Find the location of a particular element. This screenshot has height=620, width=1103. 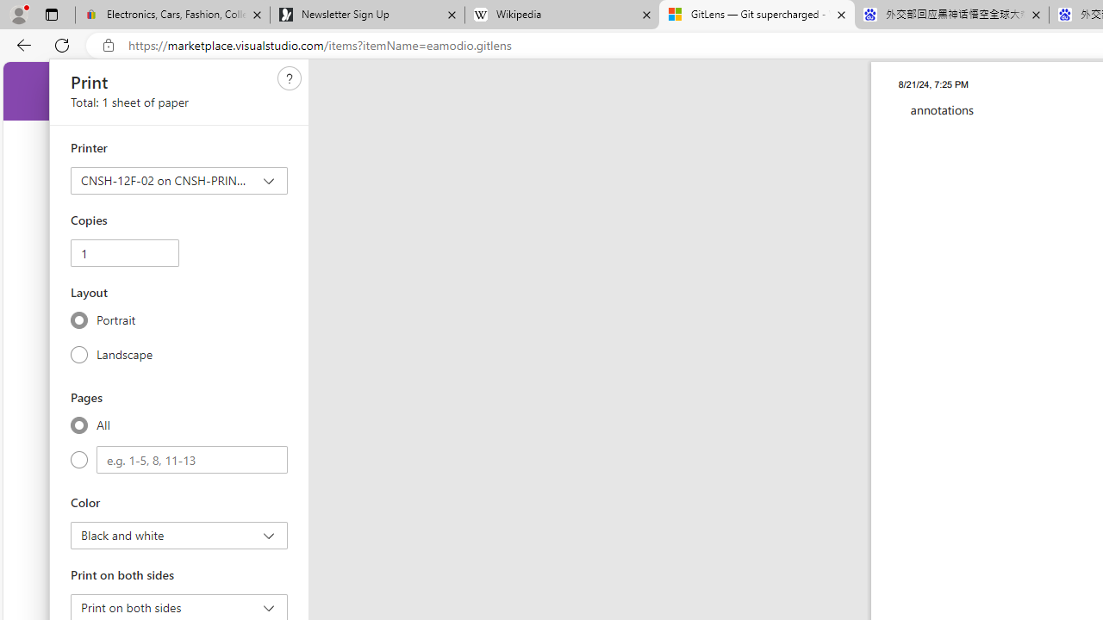

'Class: c0129' is located at coordinates (290, 78).